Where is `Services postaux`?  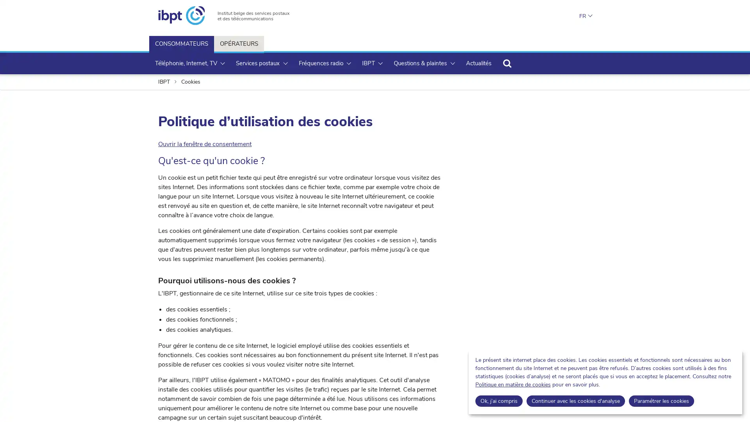
Services postaux is located at coordinates (261, 63).